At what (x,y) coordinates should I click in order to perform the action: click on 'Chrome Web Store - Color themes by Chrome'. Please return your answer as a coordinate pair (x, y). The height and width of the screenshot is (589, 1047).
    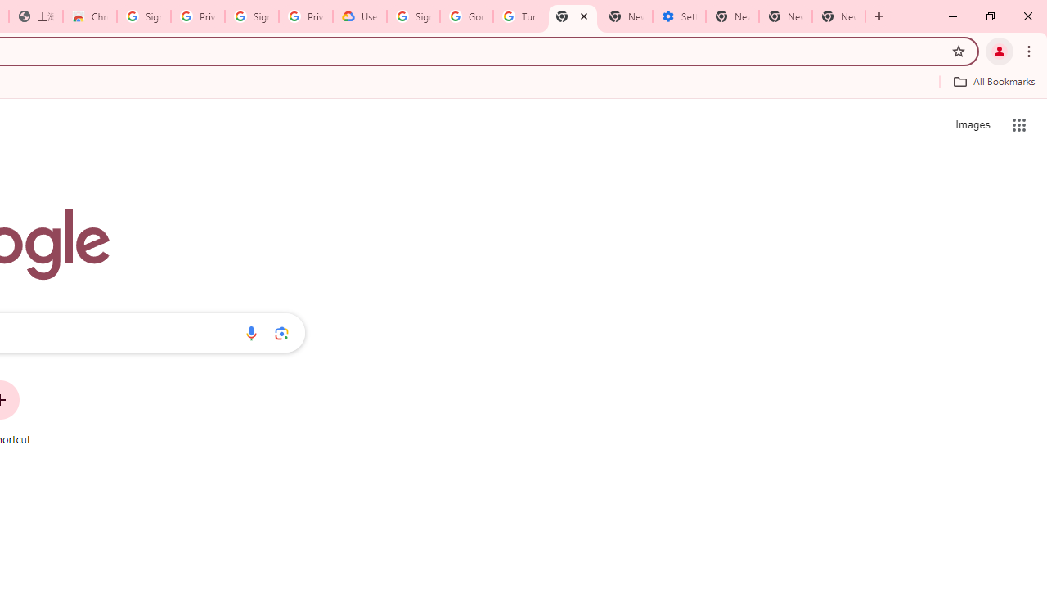
    Looking at the image, I should click on (89, 16).